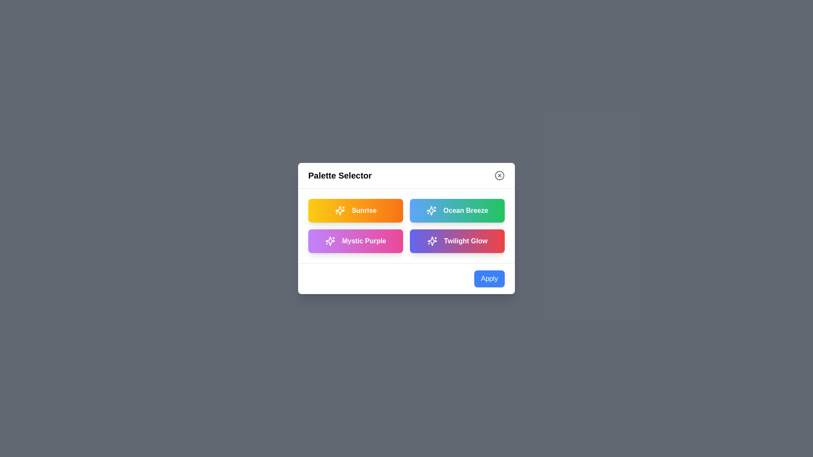  I want to click on the palette card labeled Sunrise to select it, so click(356, 210).